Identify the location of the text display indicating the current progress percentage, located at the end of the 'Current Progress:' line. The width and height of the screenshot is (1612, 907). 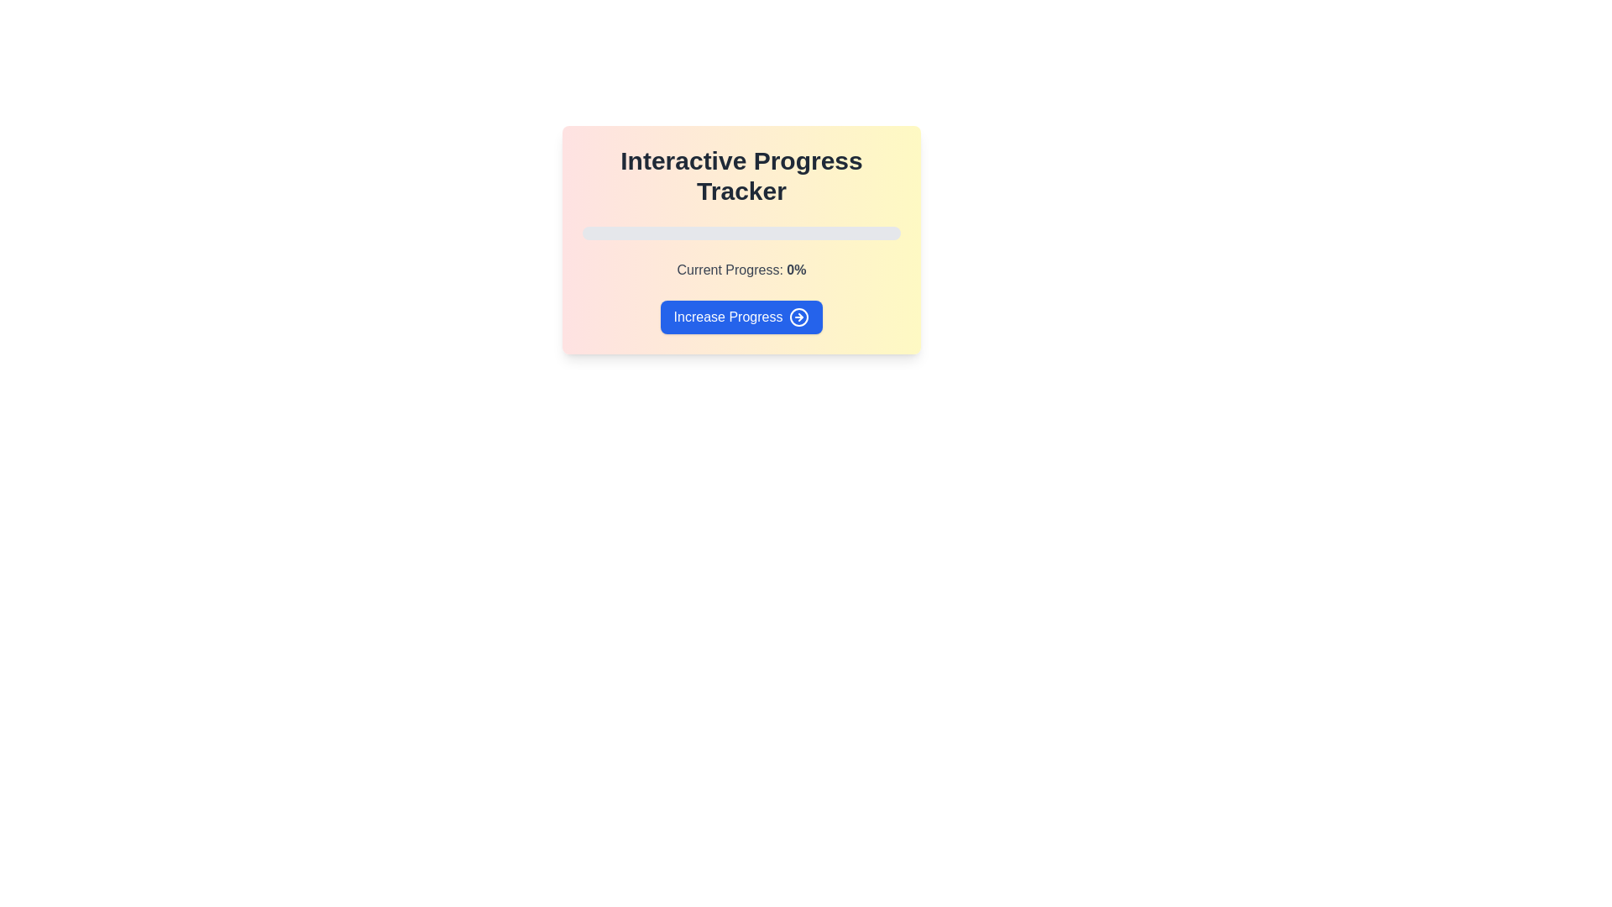
(795, 269).